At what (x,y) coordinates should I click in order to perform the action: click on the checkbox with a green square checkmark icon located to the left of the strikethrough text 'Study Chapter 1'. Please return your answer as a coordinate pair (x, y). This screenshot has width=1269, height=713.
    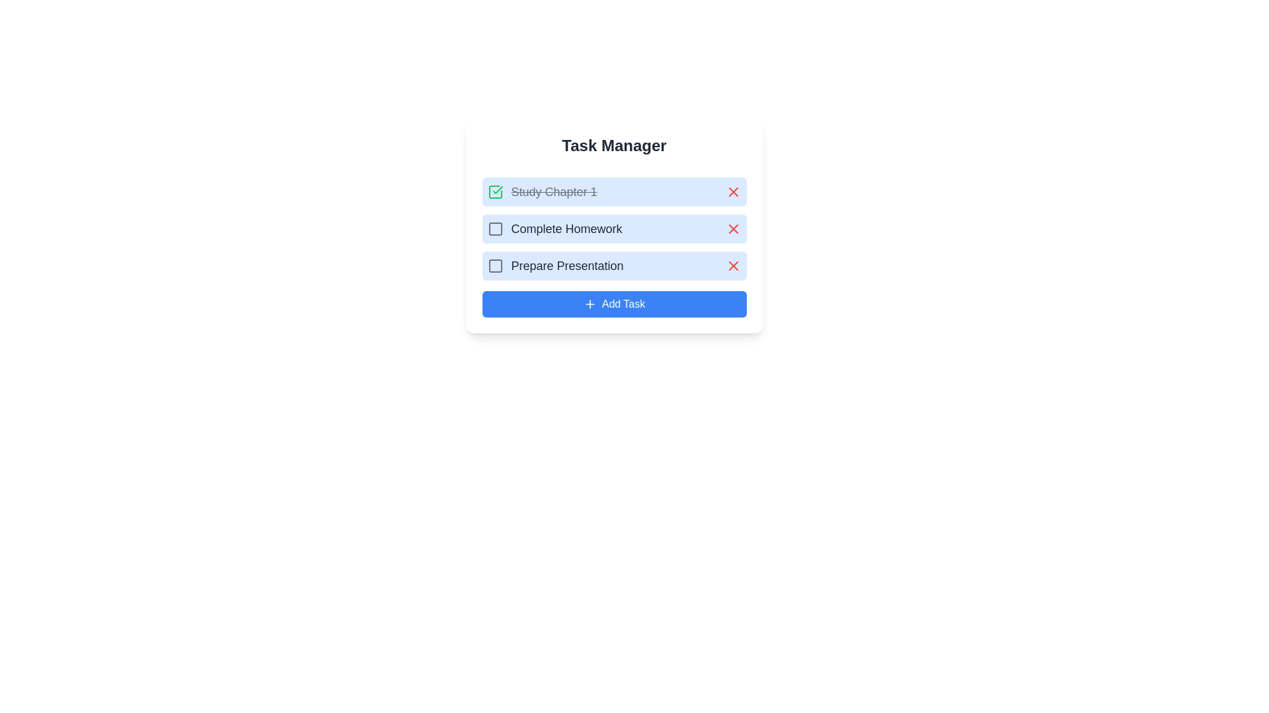
    Looking at the image, I should click on (494, 191).